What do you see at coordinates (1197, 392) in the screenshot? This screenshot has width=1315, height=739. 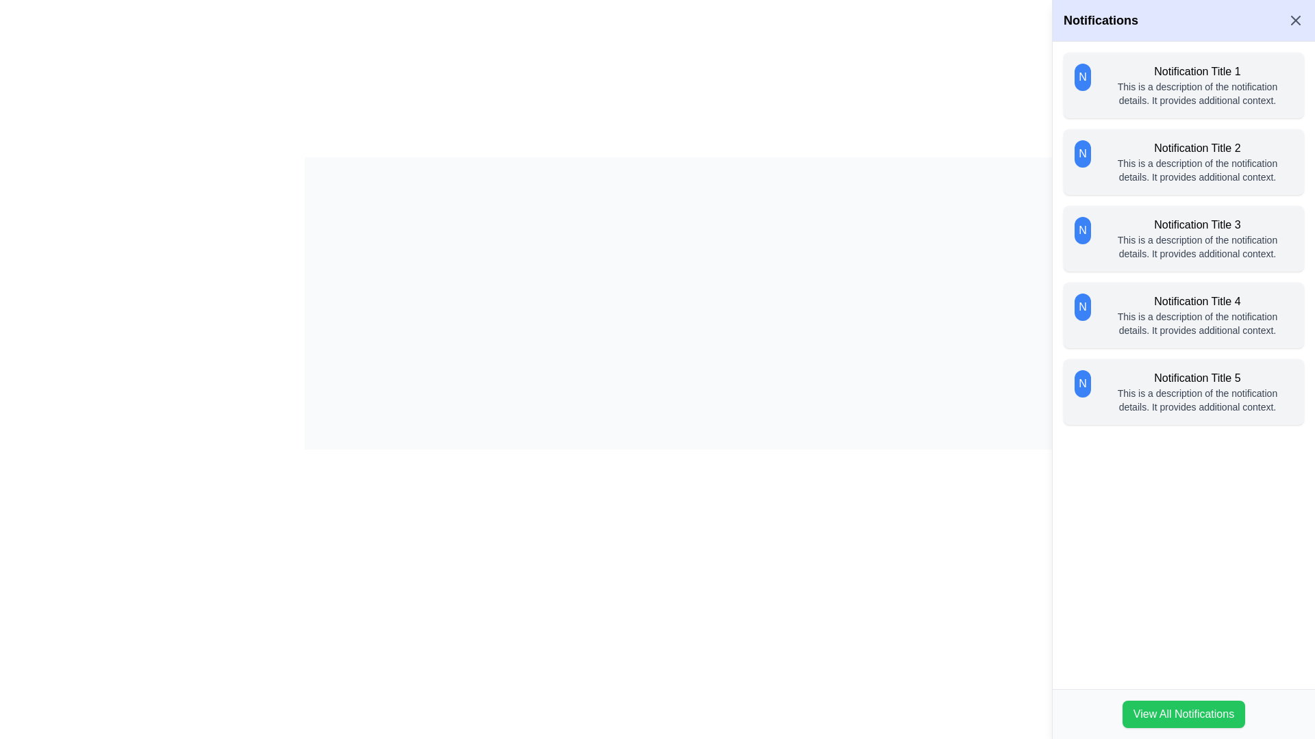 I see `text content of the Text Display Component identified by the title 'Notification Title 5', which includes a bolded title and a detailed description below` at bounding box center [1197, 392].